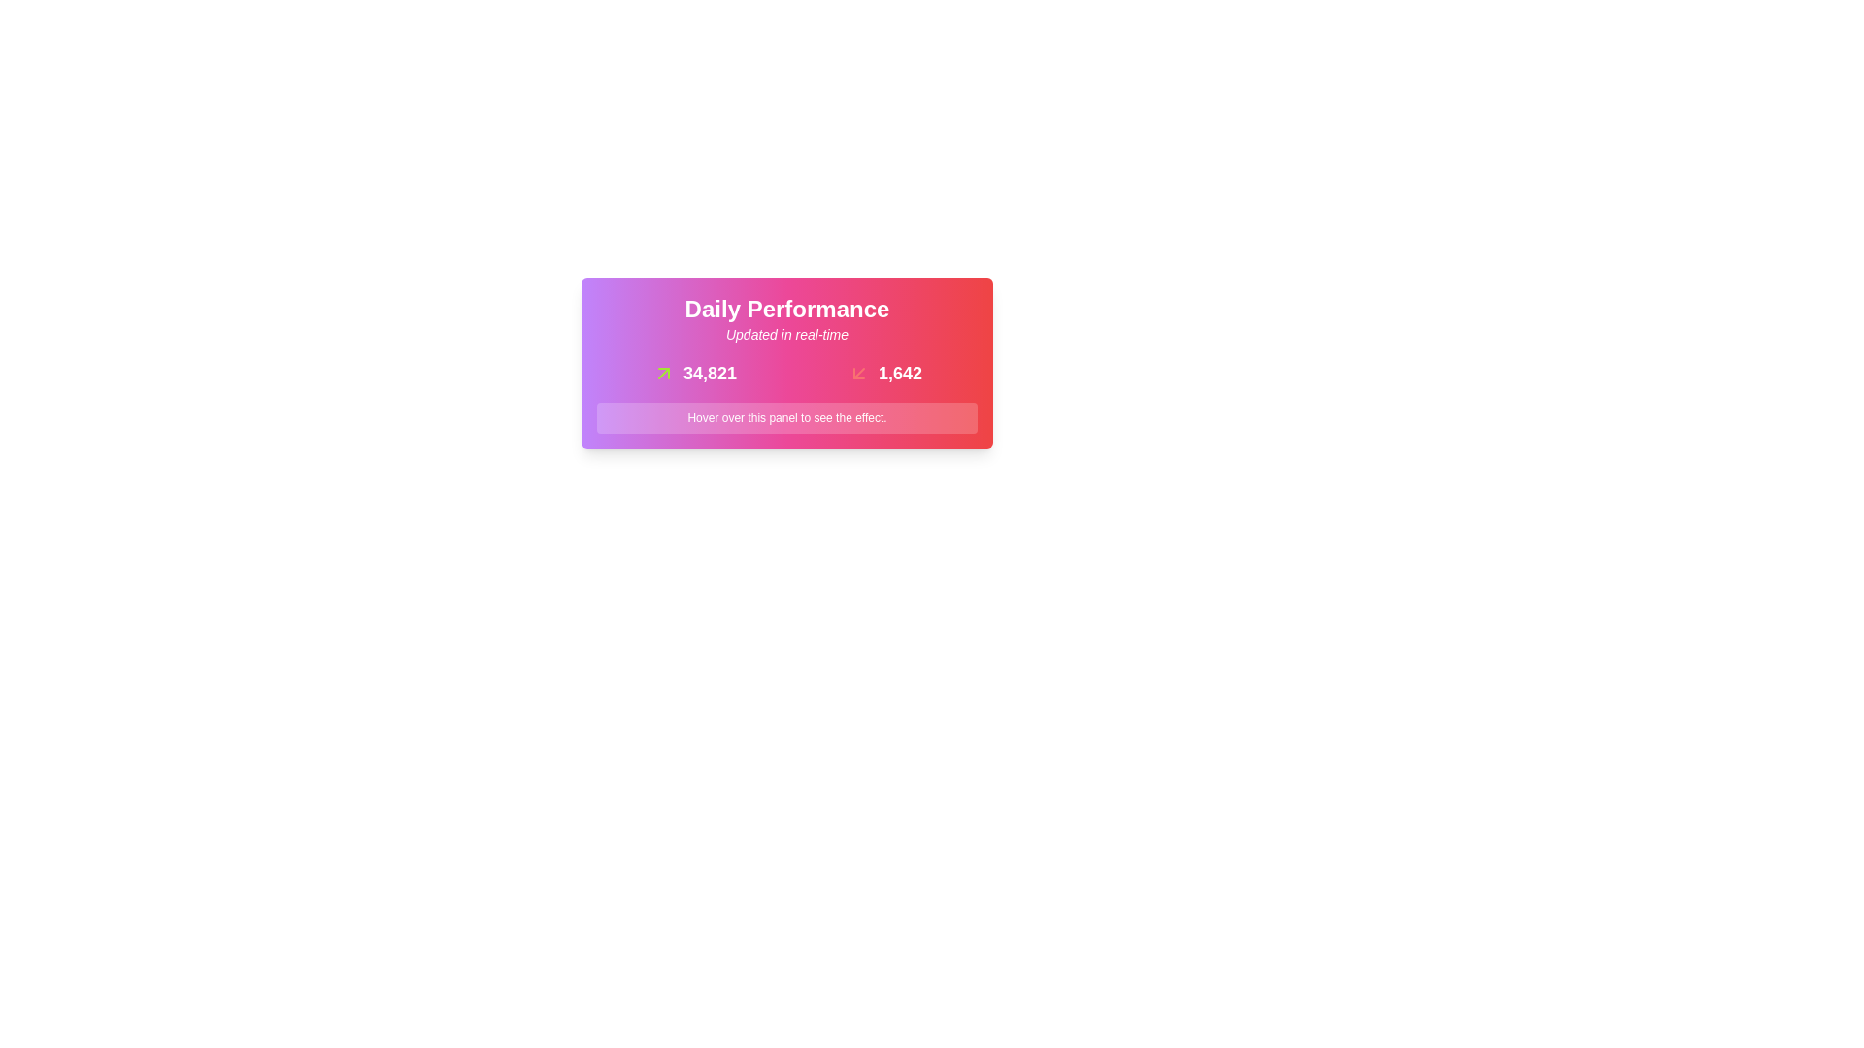  What do you see at coordinates (899, 374) in the screenshot?
I see `the numerical metric displayed in the text element with a red background, located adjacent to a downward arrow icon in the lower-right quadrant of the card component` at bounding box center [899, 374].